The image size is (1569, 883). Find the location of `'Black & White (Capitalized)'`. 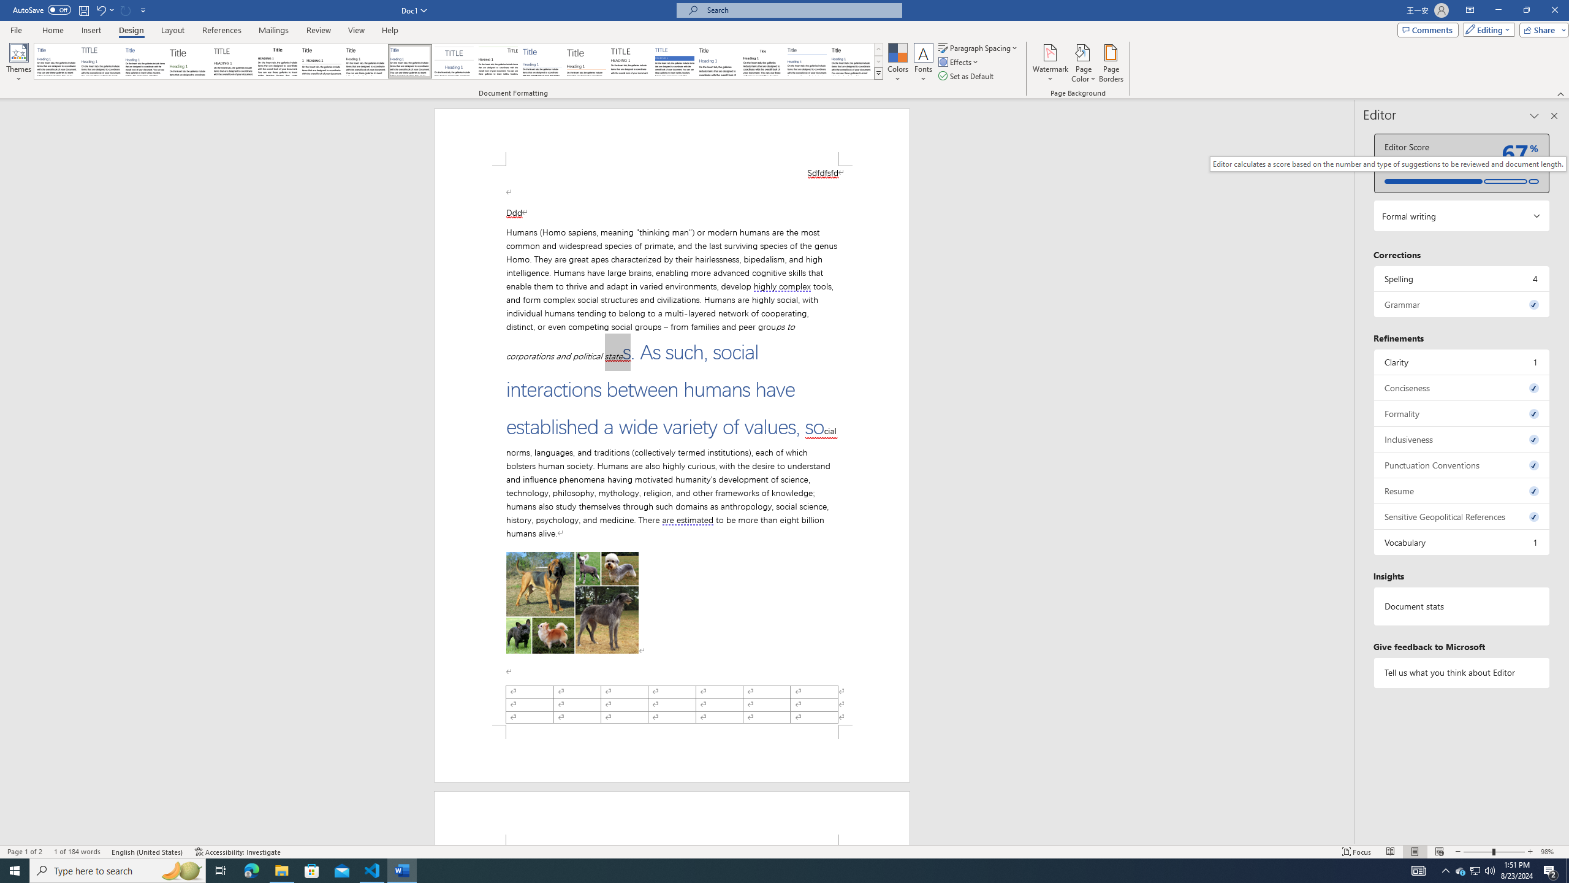

'Black & White (Capitalized)' is located at coordinates (233, 61).